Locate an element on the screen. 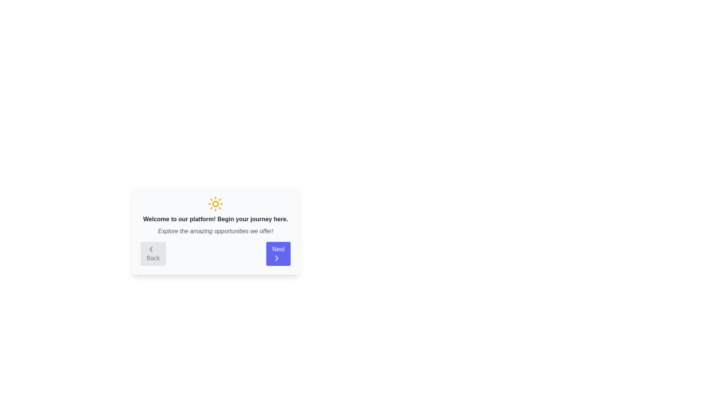  the 'Back' button to navigate to the previous step is located at coordinates (153, 253).